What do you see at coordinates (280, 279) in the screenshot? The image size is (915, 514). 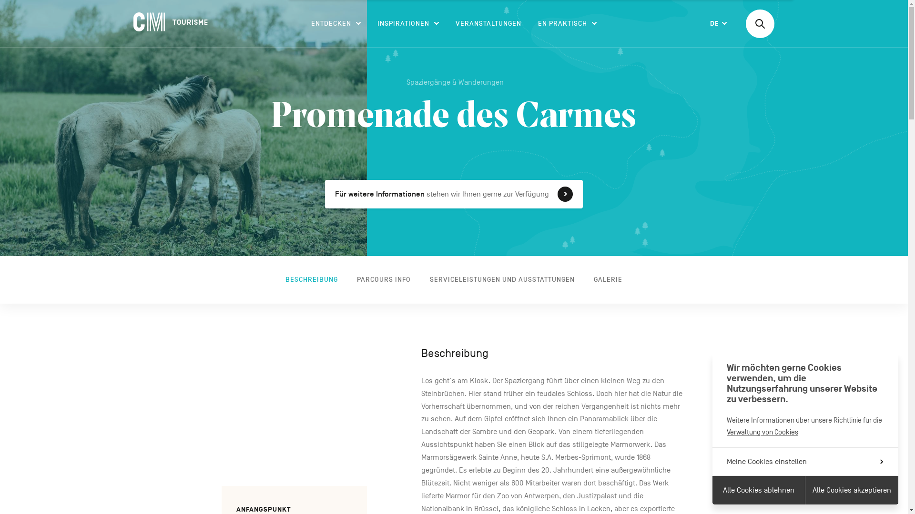 I see `'BESCHREIBUNG'` at bounding box center [280, 279].